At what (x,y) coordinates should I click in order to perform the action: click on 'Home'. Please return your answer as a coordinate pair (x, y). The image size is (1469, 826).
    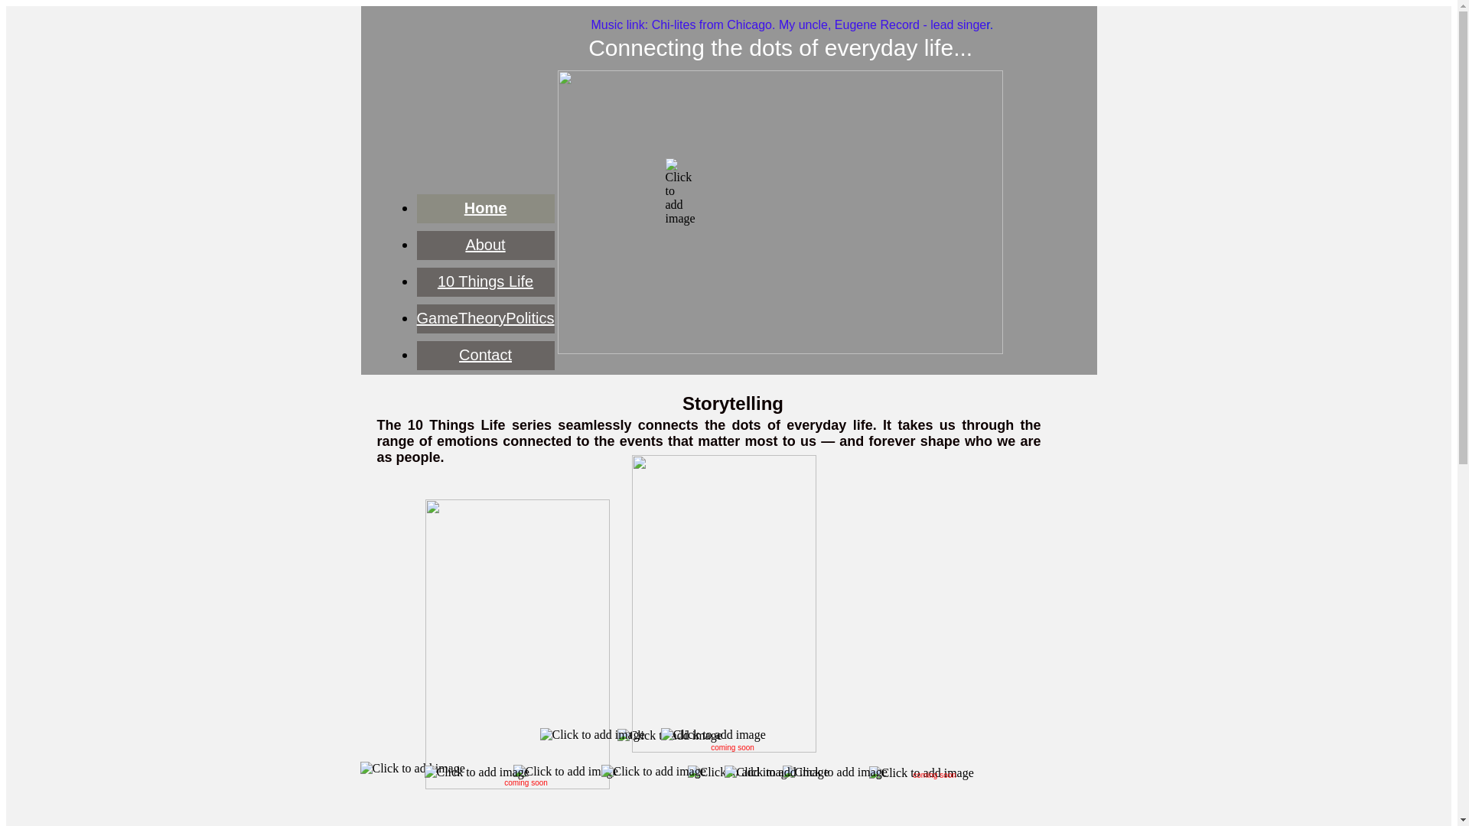
    Looking at the image, I should click on (484, 208).